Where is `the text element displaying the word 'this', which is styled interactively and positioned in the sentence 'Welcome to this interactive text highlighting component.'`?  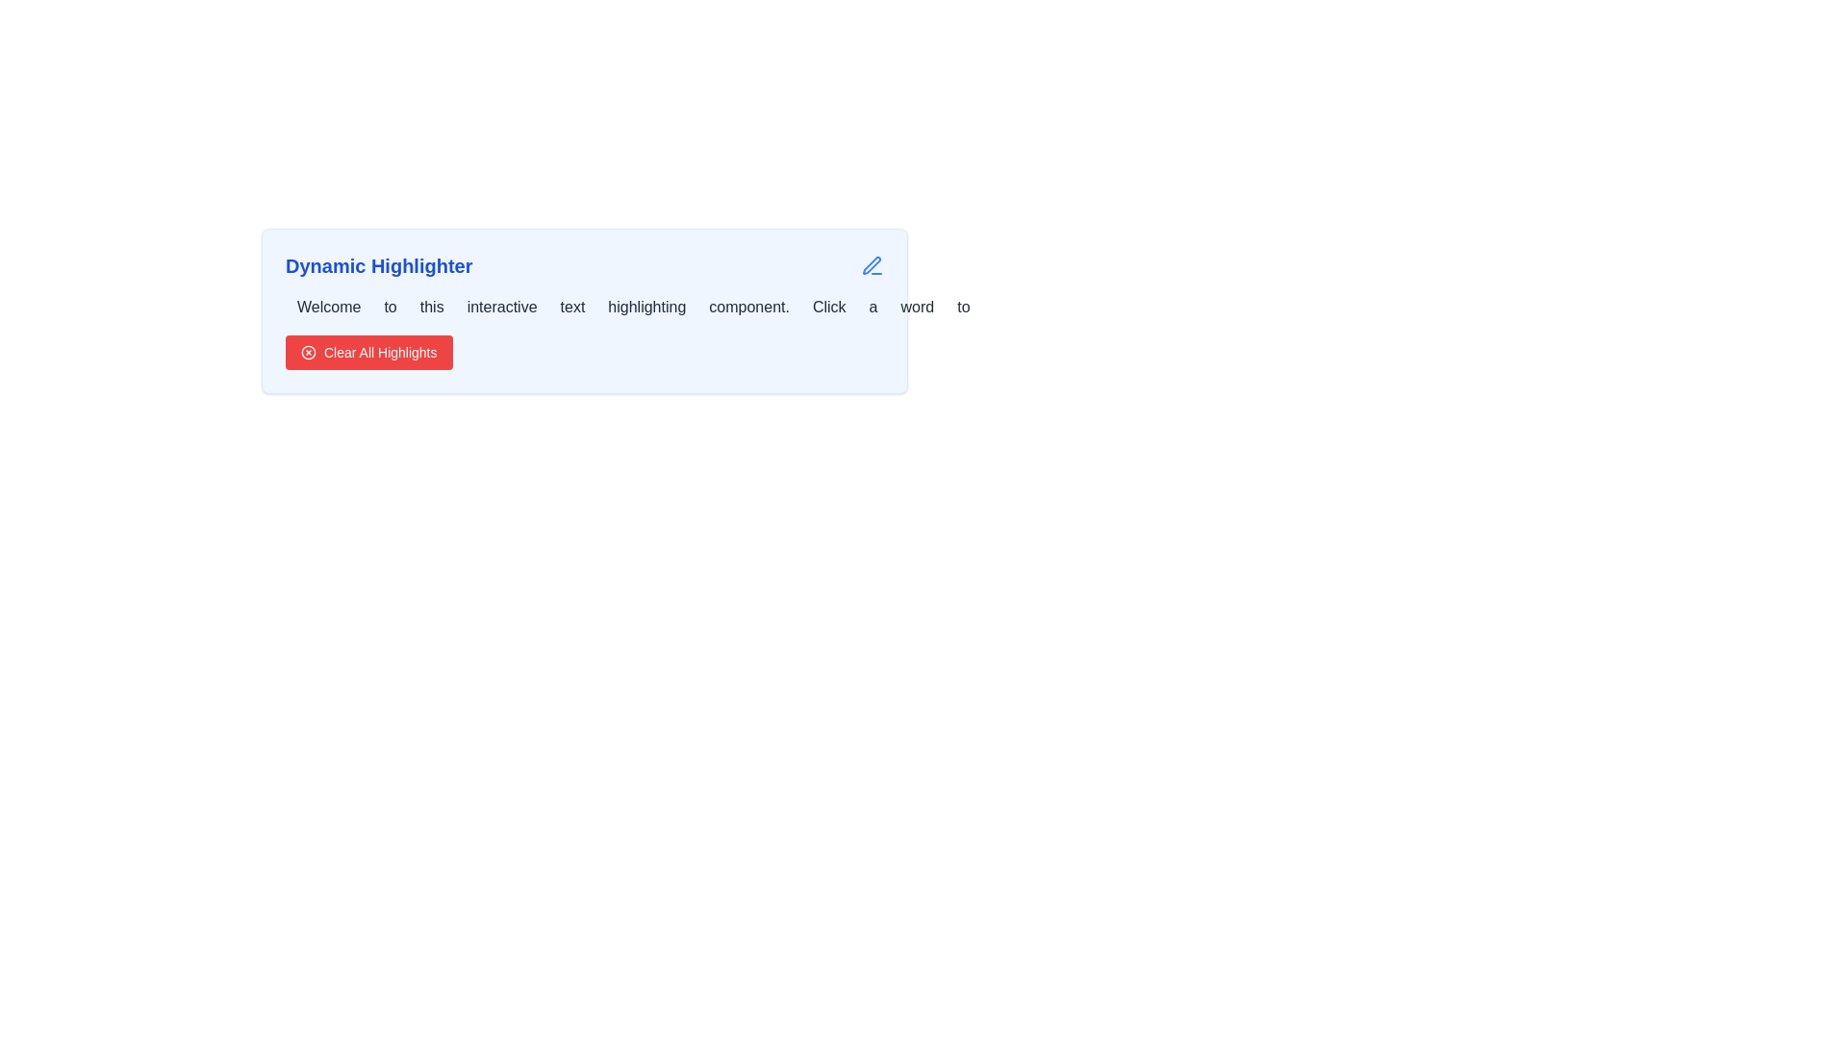
the text element displaying the word 'this', which is styled interactively and positioned in the sentence 'Welcome to this interactive text highlighting component.' is located at coordinates (431, 306).